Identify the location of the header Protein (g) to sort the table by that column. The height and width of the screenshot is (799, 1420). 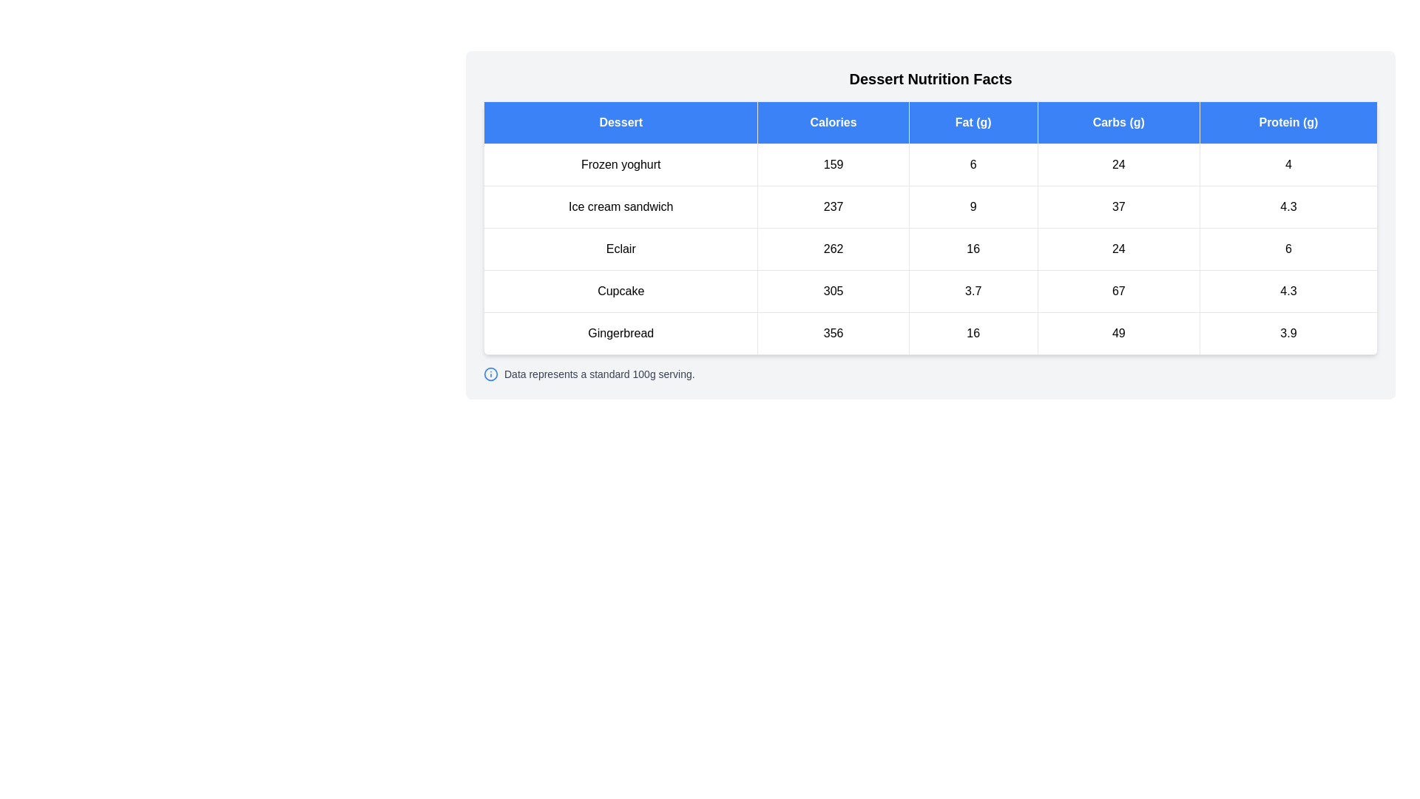
(1288, 121).